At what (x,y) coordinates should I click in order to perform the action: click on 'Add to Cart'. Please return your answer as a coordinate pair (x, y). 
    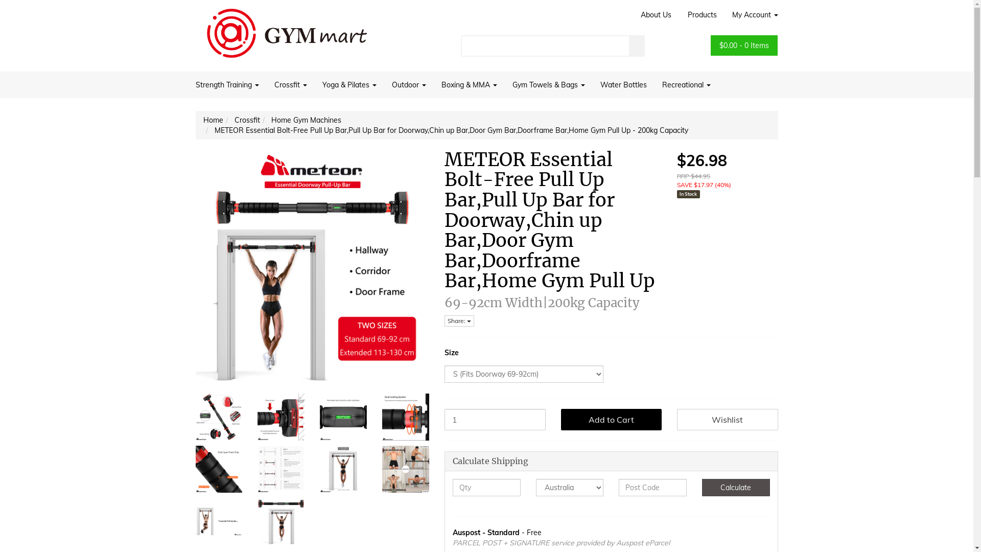
    Looking at the image, I should click on (611, 420).